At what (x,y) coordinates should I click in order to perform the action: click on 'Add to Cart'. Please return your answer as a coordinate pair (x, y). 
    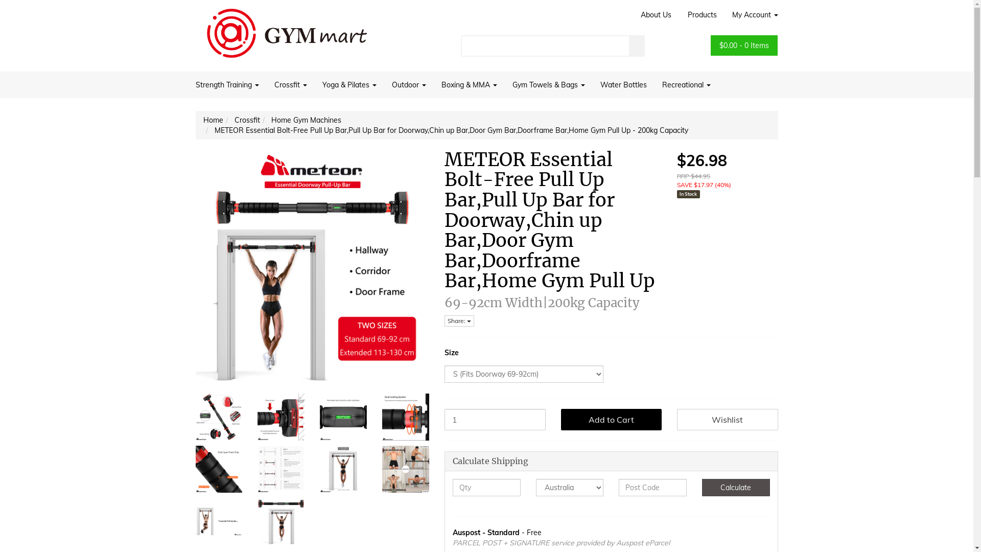
    Looking at the image, I should click on (611, 420).